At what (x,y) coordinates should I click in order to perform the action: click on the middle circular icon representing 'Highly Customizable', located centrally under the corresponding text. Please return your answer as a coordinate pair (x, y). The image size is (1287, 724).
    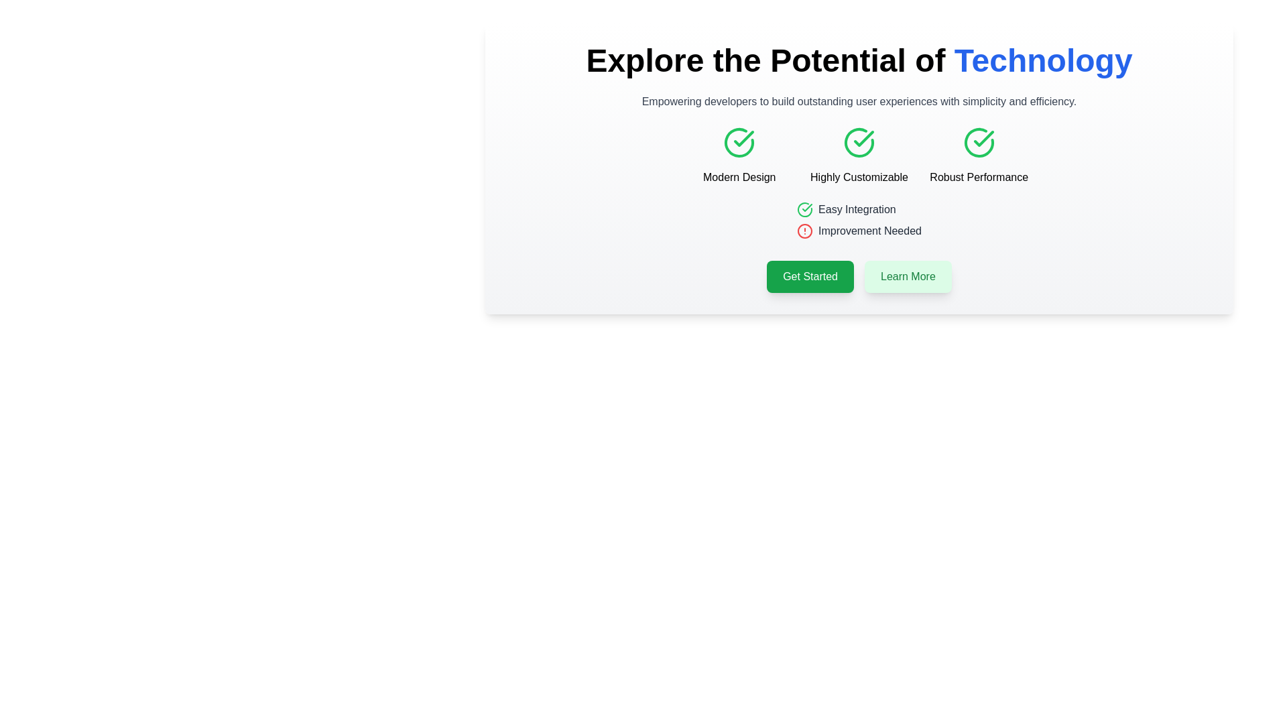
    Looking at the image, I should click on (859, 142).